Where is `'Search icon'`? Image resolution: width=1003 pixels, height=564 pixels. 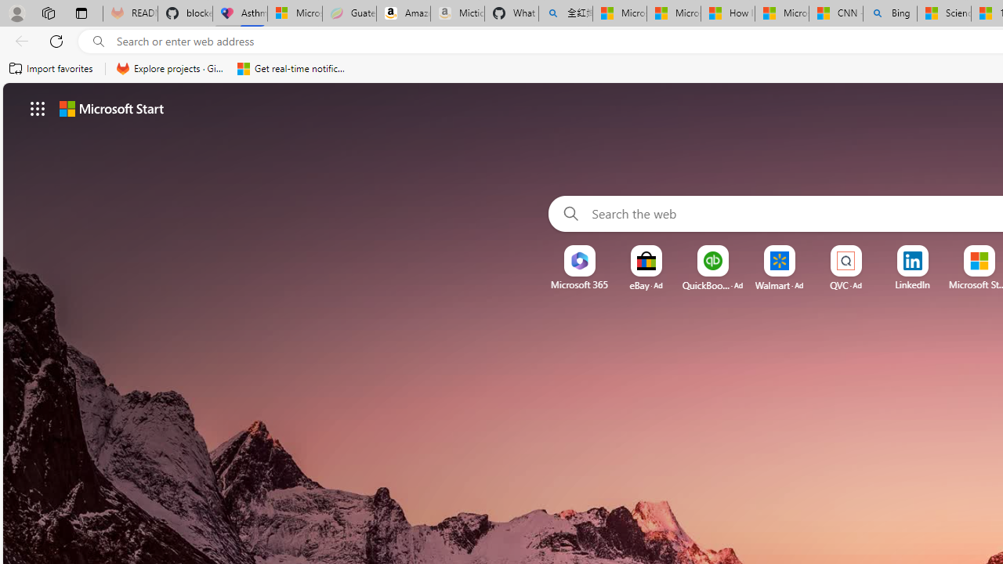
'Search icon' is located at coordinates (98, 41).